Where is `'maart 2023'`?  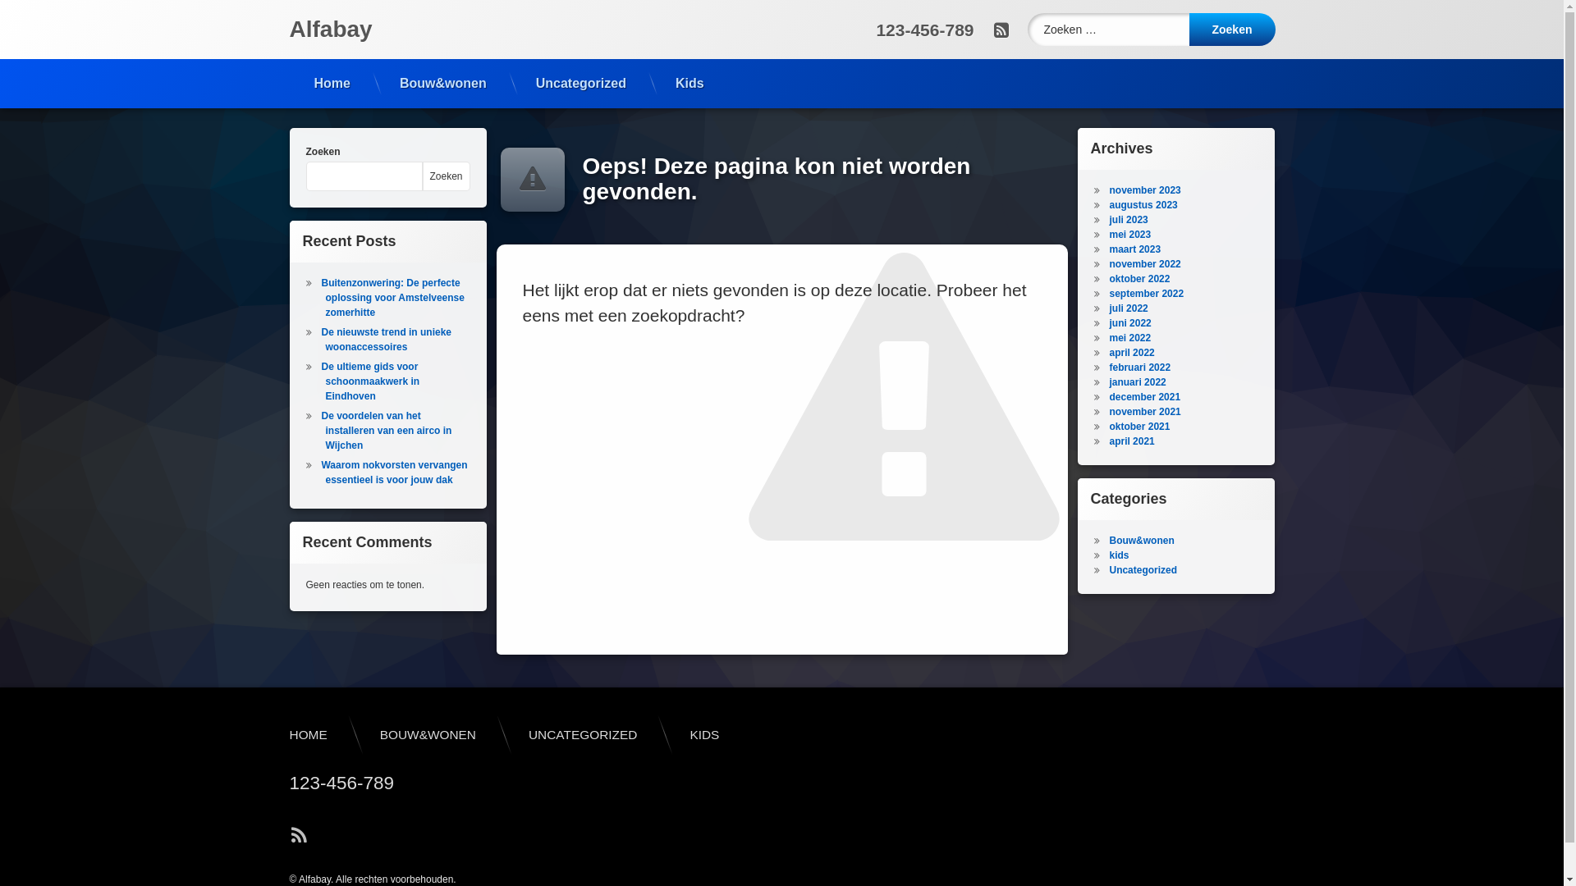 'maart 2023' is located at coordinates (1134, 249).